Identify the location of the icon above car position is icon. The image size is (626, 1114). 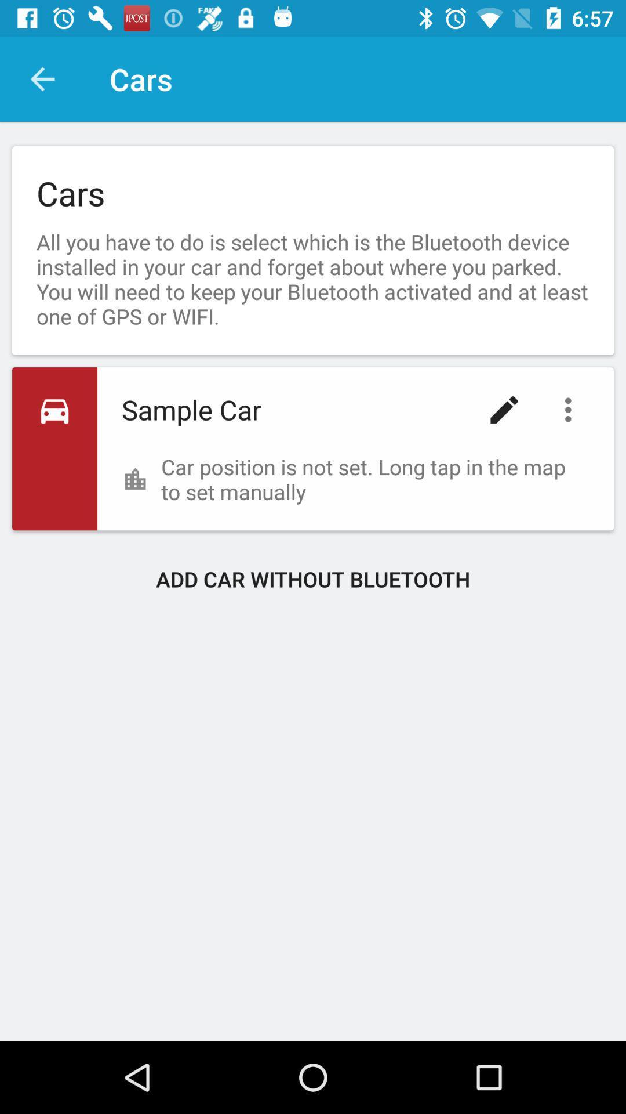
(570, 410).